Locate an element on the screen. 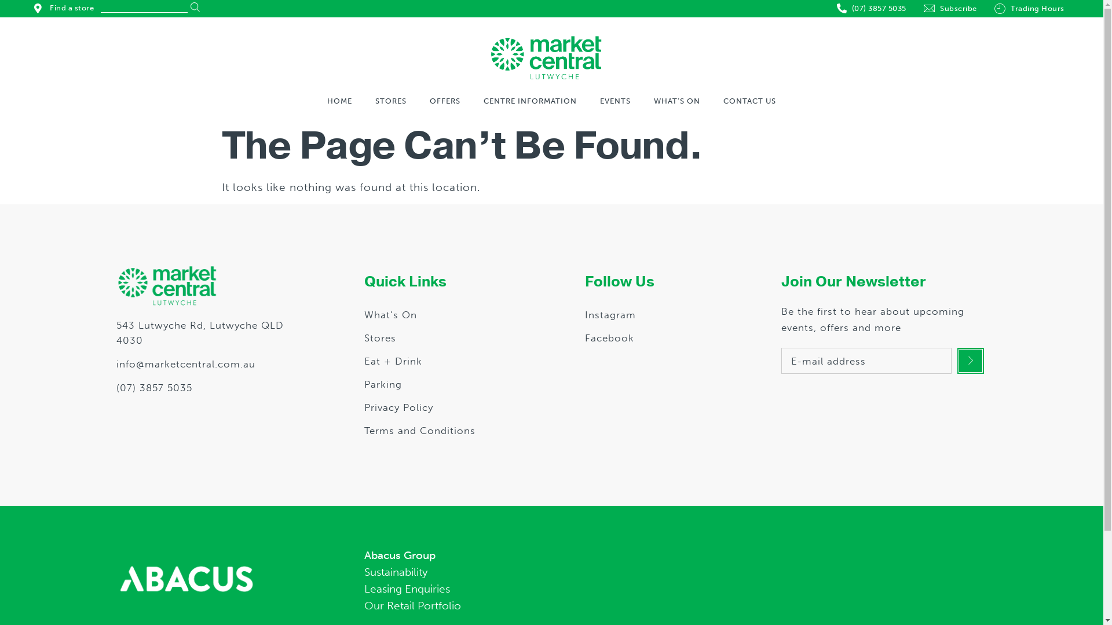 The width and height of the screenshot is (1112, 625). 'Subscribe' is located at coordinates (950, 9).